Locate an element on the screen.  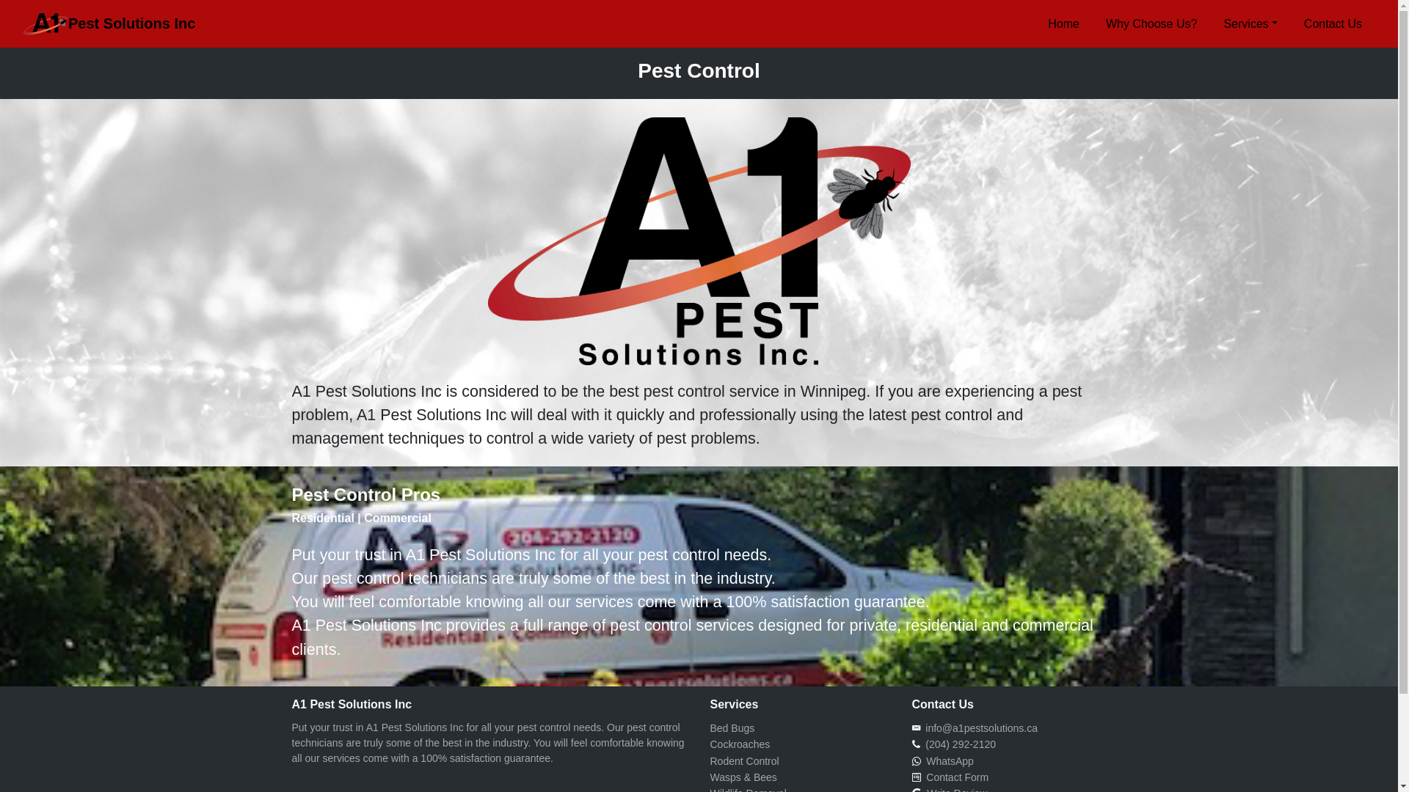
'Contact Us' is located at coordinates (1333, 23).